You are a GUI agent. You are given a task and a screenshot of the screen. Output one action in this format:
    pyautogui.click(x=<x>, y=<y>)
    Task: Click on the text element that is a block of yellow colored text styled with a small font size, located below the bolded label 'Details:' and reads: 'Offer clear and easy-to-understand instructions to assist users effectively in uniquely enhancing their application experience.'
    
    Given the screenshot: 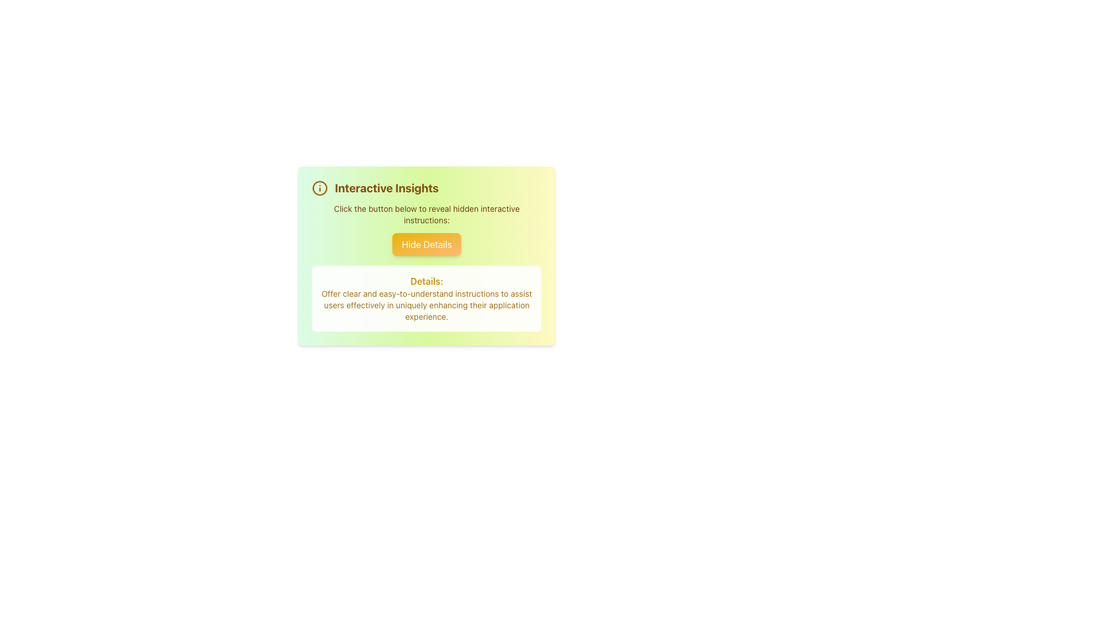 What is the action you would take?
    pyautogui.click(x=426, y=305)
    